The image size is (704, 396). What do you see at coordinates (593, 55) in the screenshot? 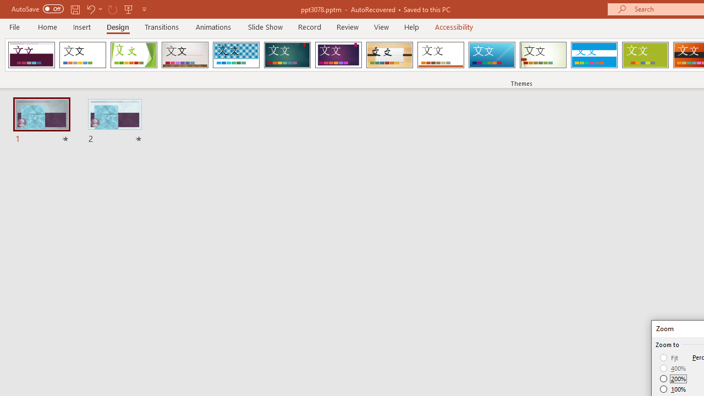
I see `'Banded'` at bounding box center [593, 55].